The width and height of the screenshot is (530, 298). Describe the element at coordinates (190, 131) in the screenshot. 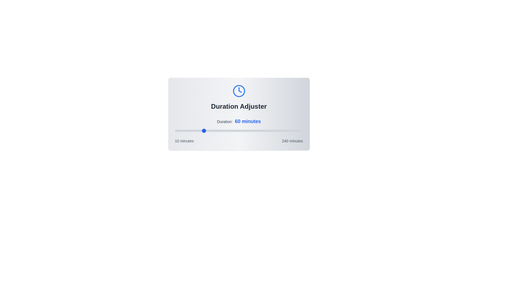

I see `the duration slider to 38 minutes` at that location.